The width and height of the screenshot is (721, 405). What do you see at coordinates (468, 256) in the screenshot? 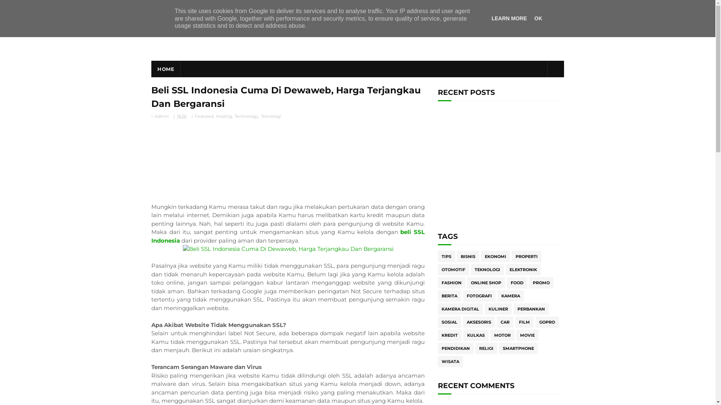
I see `'BISNIS'` at bounding box center [468, 256].